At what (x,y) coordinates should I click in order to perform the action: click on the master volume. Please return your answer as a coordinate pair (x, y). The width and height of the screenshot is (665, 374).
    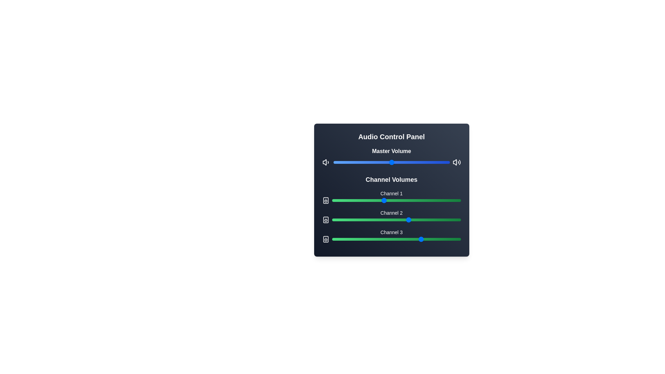
    Looking at the image, I should click on (362, 162).